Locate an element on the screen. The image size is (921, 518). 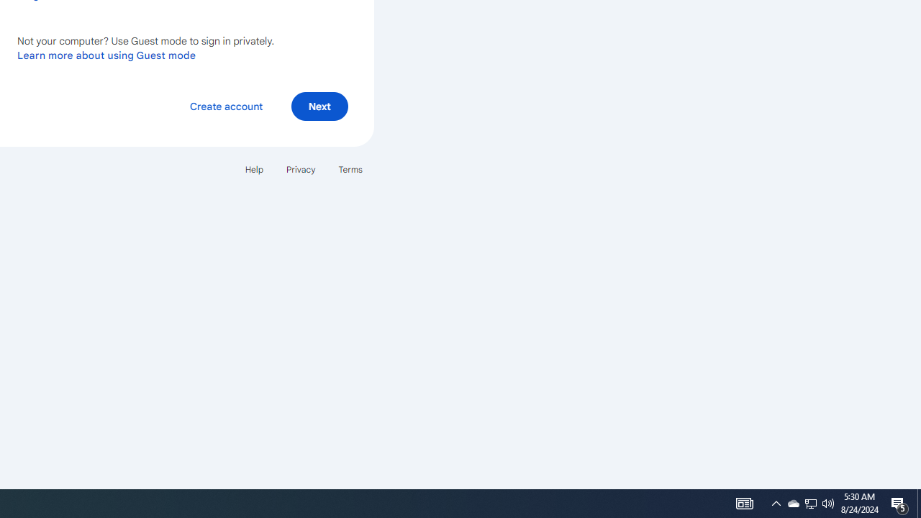
'Next' is located at coordinates (319, 105).